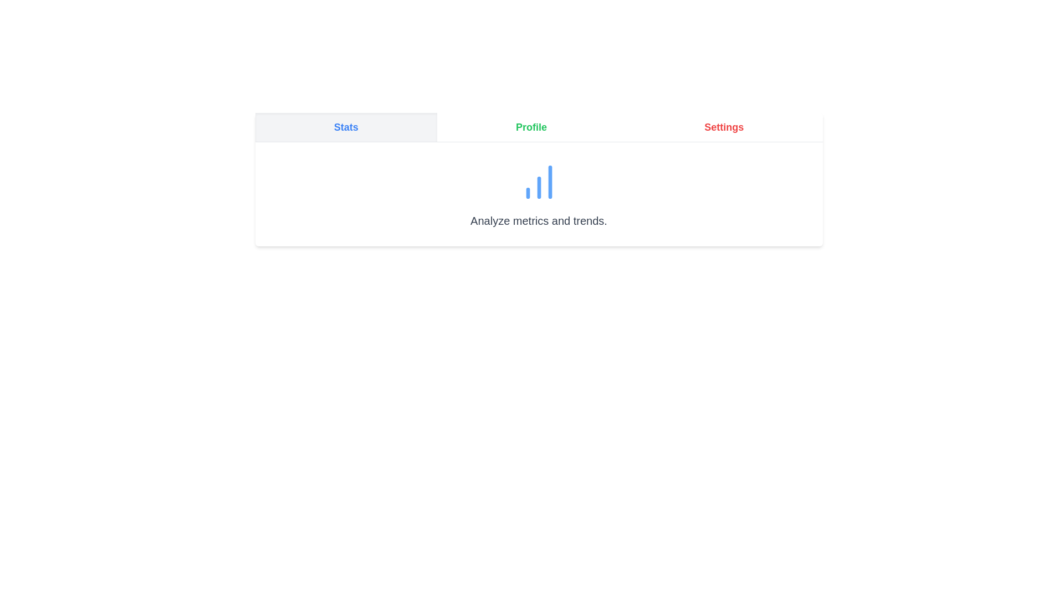  Describe the element at coordinates (539, 127) in the screenshot. I see `the 'Profile' tab in the navigation bar` at that location.